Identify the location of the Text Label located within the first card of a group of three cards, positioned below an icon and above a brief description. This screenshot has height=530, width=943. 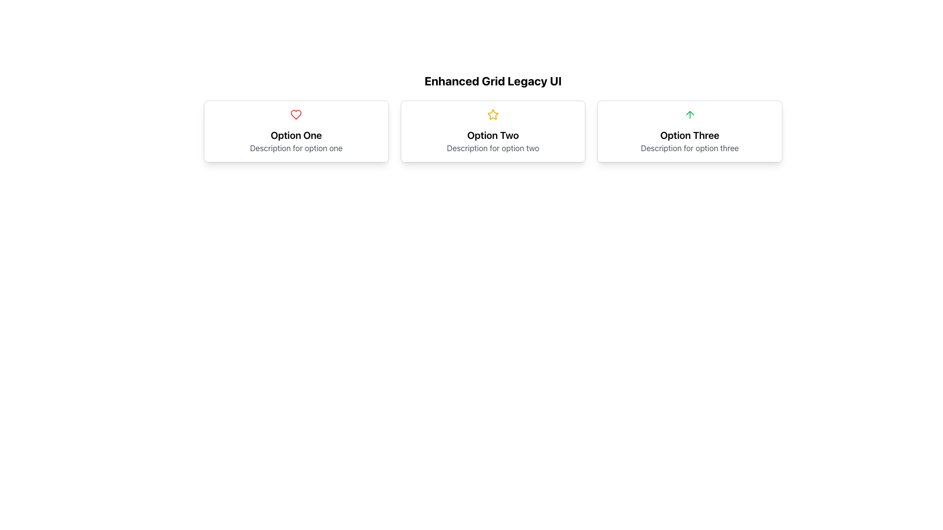
(296, 135).